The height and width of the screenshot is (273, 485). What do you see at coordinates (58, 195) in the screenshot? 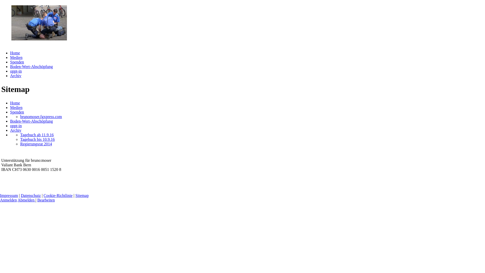
I see `'Cookie-Richtlinie'` at bounding box center [58, 195].